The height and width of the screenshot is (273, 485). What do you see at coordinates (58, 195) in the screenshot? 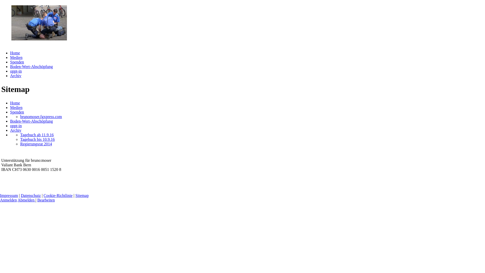
I see `'Cookie-Richtlinie'` at bounding box center [58, 195].